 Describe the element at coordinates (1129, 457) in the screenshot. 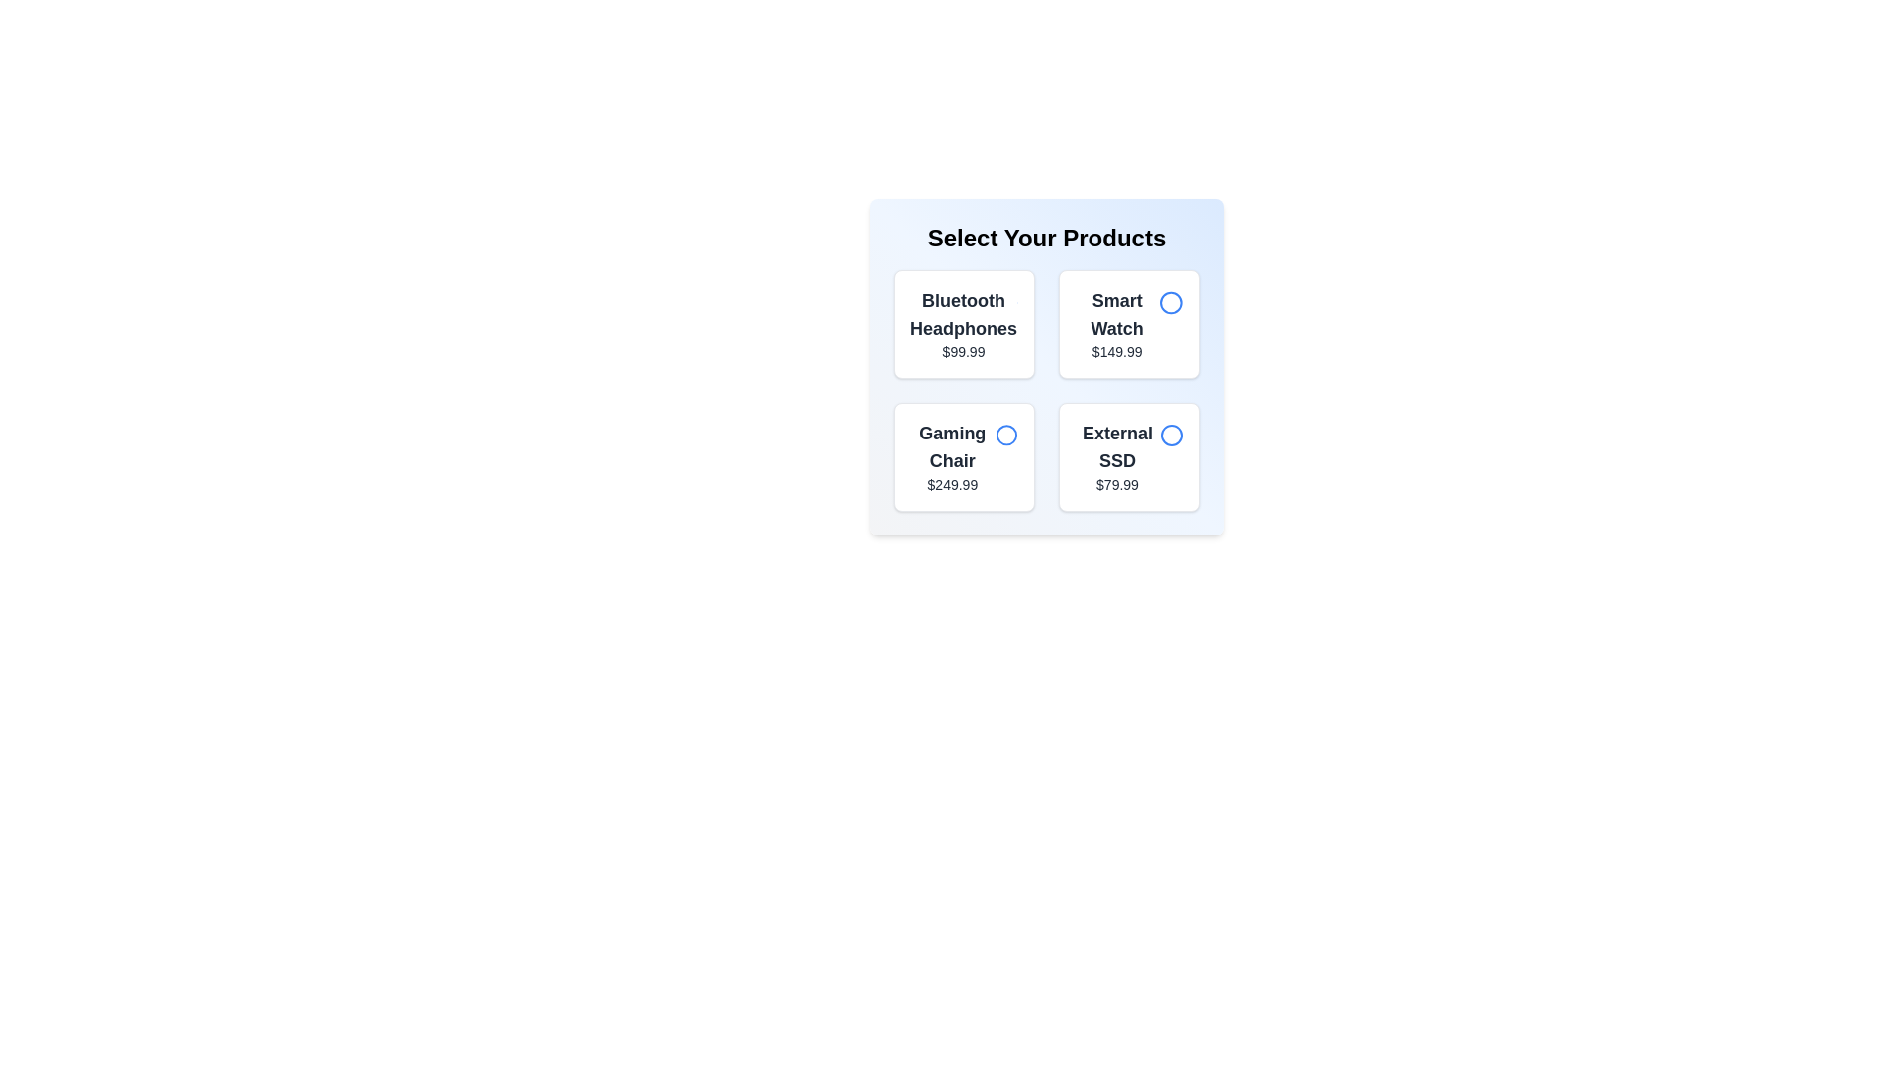

I see `the product card for External SSD` at that location.